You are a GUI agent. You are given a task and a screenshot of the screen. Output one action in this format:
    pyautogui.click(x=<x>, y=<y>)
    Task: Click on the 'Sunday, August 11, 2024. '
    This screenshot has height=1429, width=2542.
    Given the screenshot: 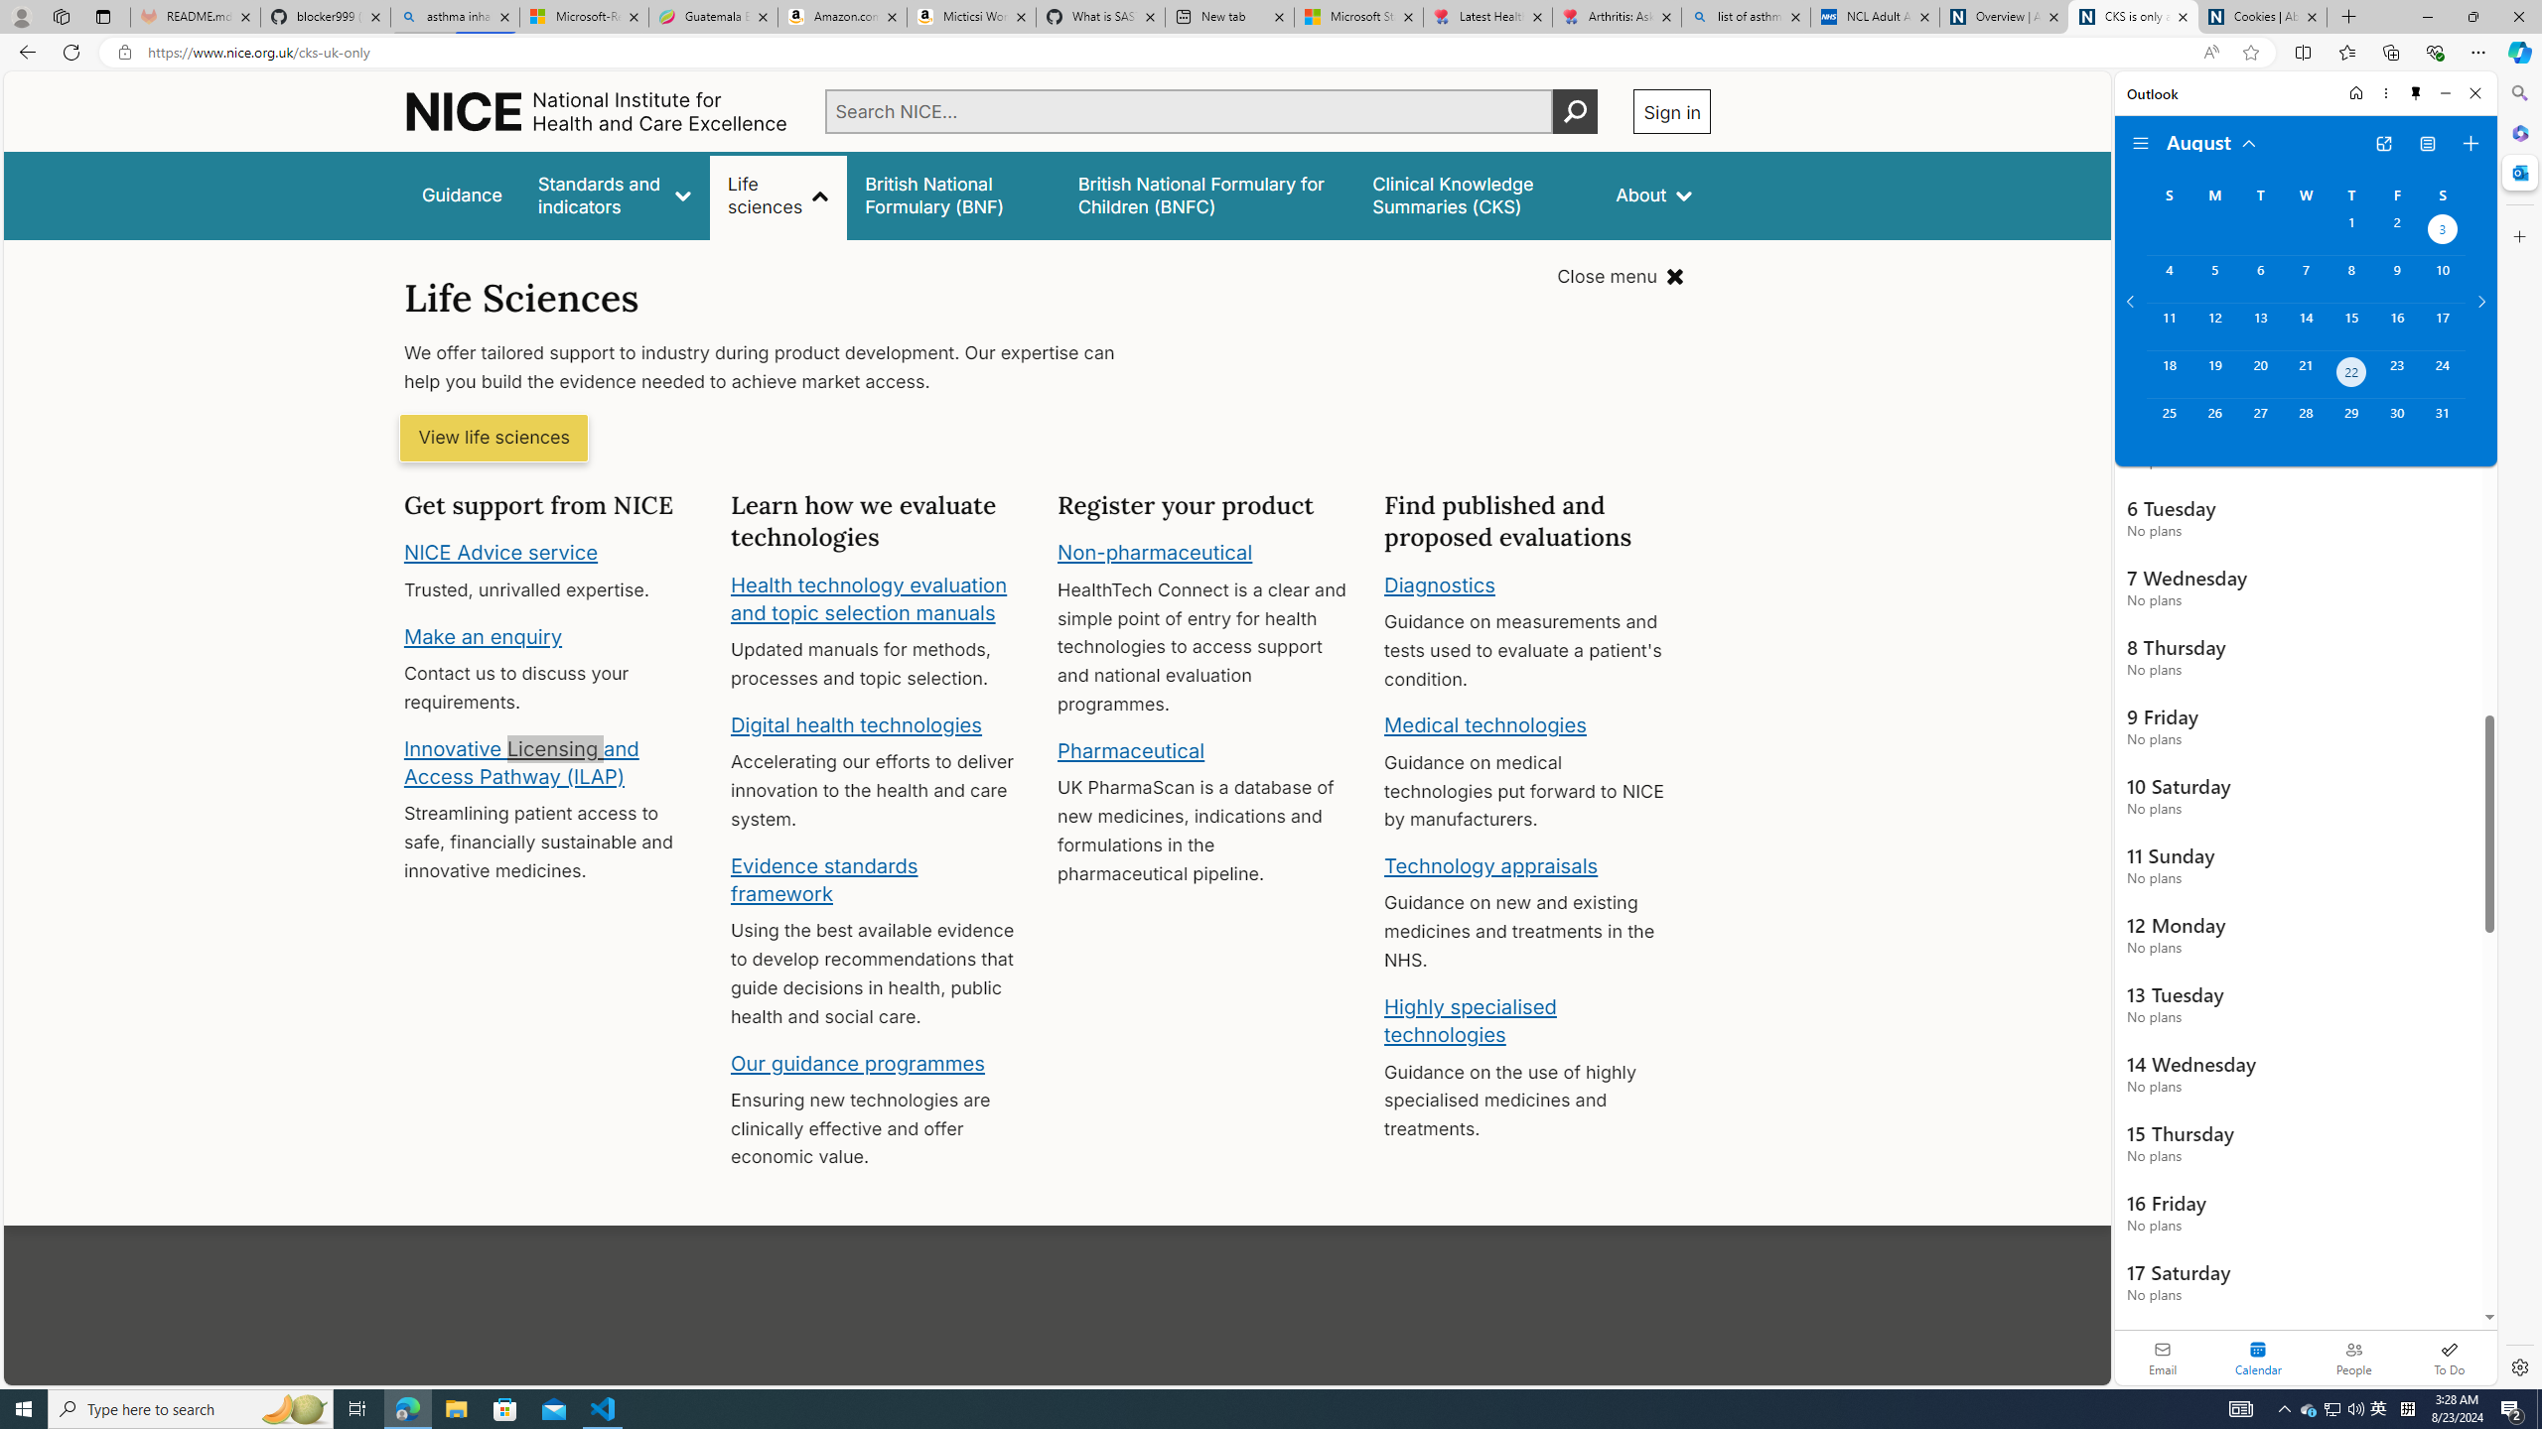 What is the action you would take?
    pyautogui.click(x=2169, y=326)
    